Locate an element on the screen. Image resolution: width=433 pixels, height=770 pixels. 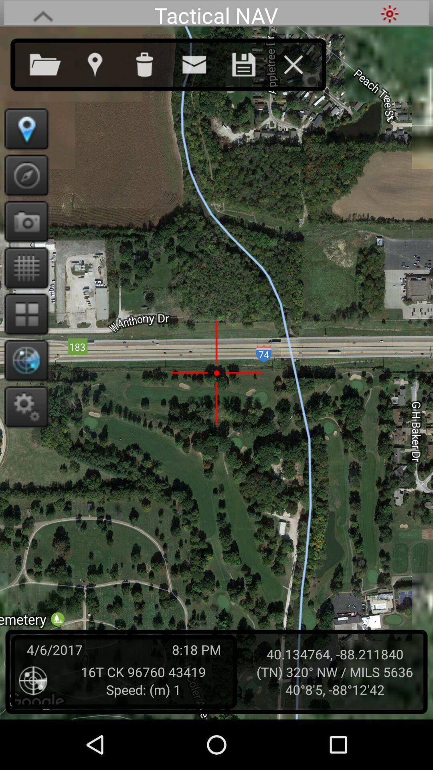
edit settings is located at coordinates (23, 406).